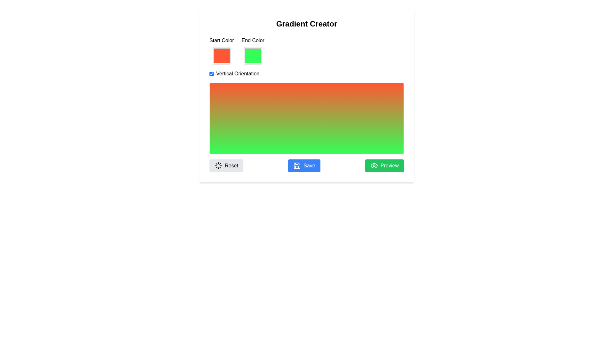 Image resolution: width=614 pixels, height=345 pixels. Describe the element at coordinates (237, 73) in the screenshot. I see `the Text label that explains the purpose of the adjacent checkbox for toggling 'Vertical Orientation'` at that location.